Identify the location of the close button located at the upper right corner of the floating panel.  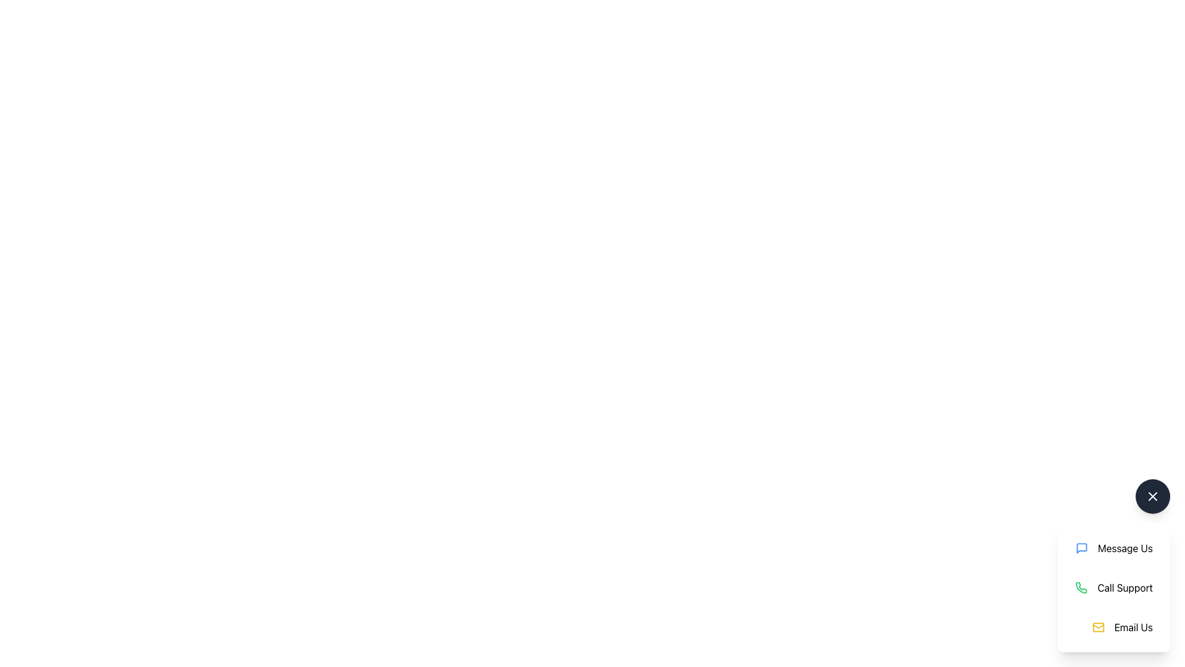
(1152, 495).